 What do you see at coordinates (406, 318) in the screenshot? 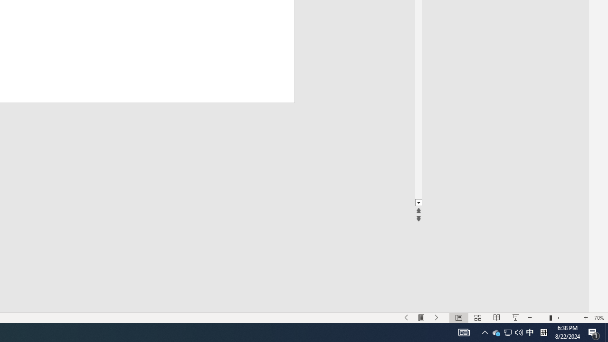
I see `'Slide Show Previous On'` at bounding box center [406, 318].